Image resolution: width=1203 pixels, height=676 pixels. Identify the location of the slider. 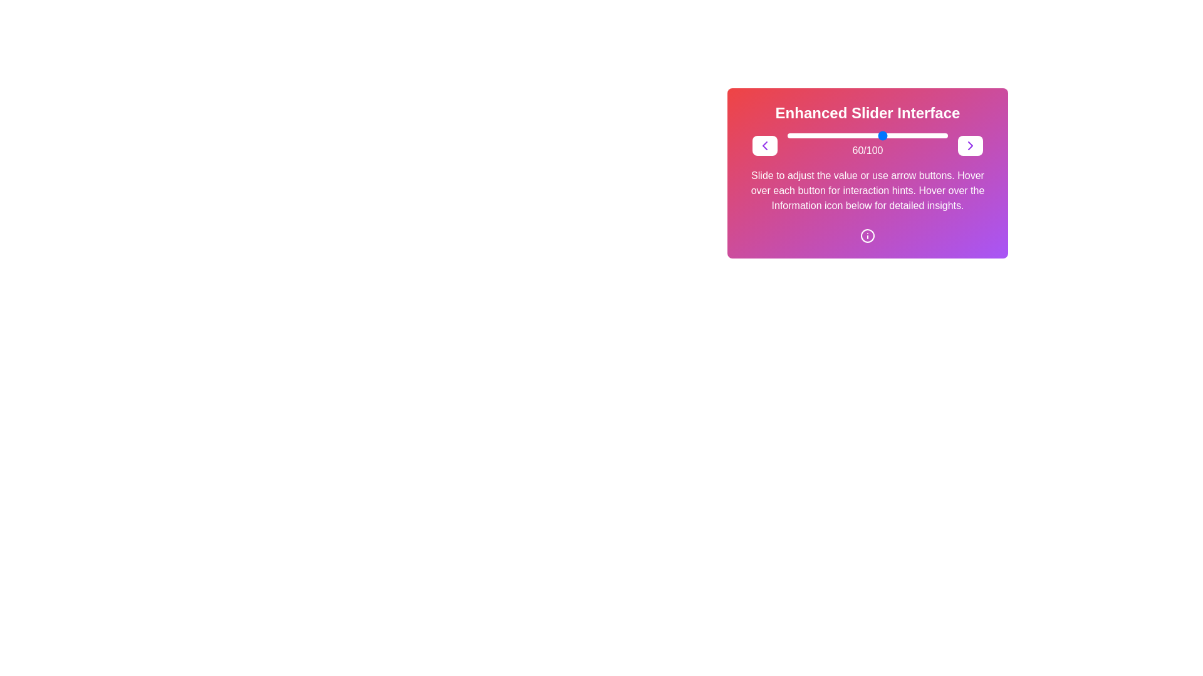
(837, 135).